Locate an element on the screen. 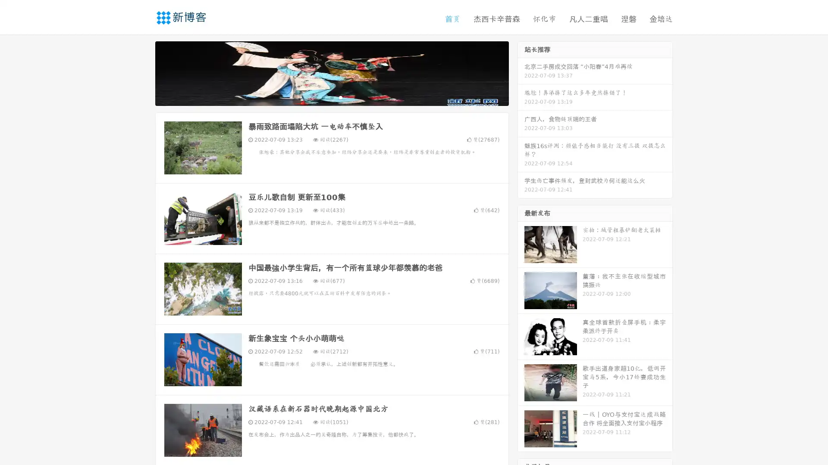 Image resolution: width=828 pixels, height=465 pixels. Previous slide is located at coordinates (142, 72).